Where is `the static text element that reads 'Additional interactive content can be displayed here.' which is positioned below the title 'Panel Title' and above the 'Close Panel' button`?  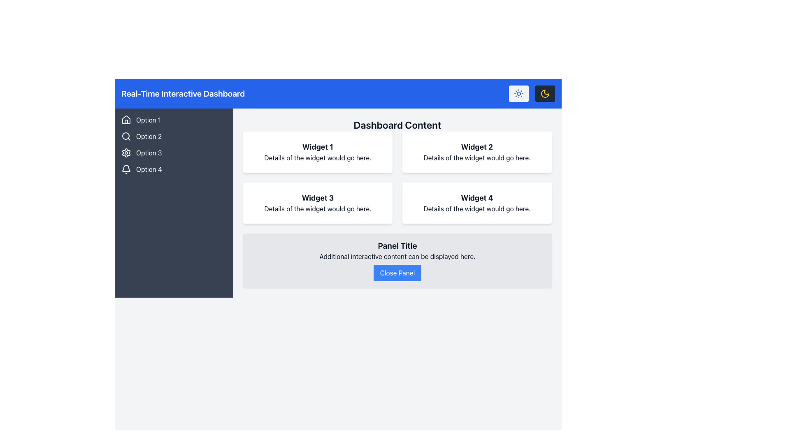 the static text element that reads 'Additional interactive content can be displayed here.' which is positioned below the title 'Panel Title' and above the 'Close Panel' button is located at coordinates (397, 256).